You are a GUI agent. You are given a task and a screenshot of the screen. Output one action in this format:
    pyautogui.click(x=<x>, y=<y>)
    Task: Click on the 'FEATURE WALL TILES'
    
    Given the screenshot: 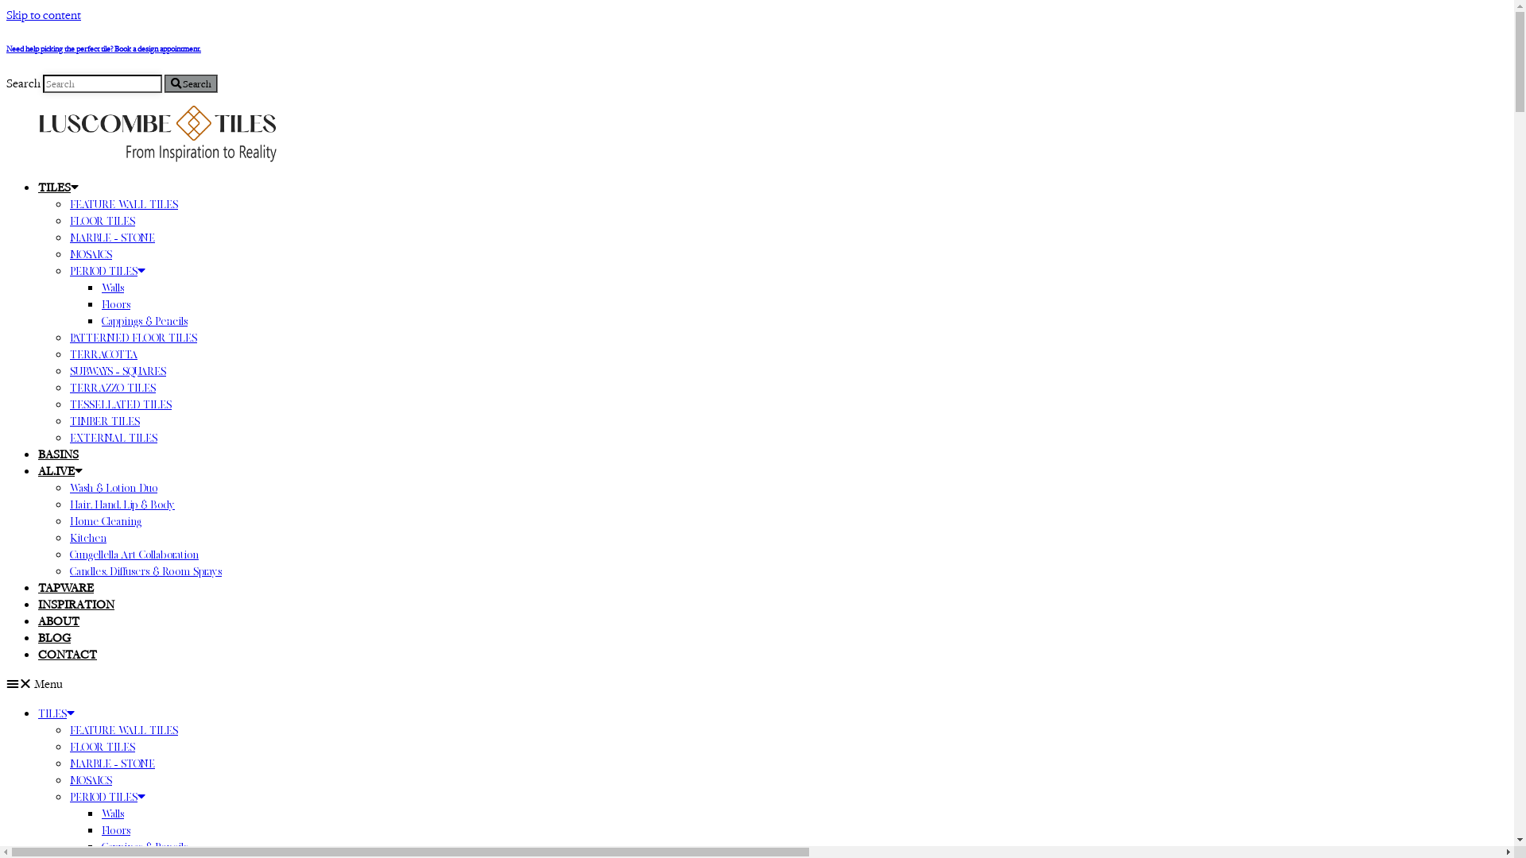 What is the action you would take?
    pyautogui.click(x=123, y=729)
    